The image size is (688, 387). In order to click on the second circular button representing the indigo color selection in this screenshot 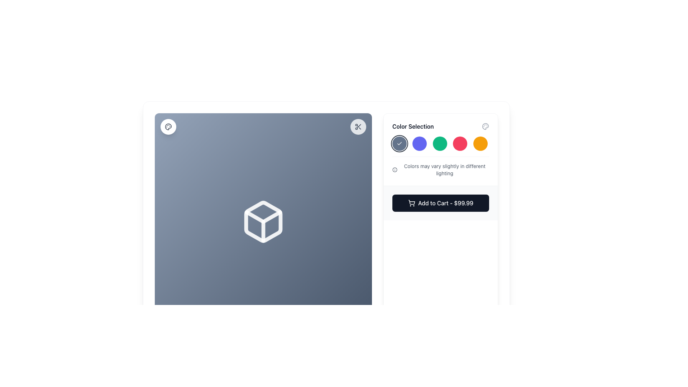, I will do `click(420, 144)`.